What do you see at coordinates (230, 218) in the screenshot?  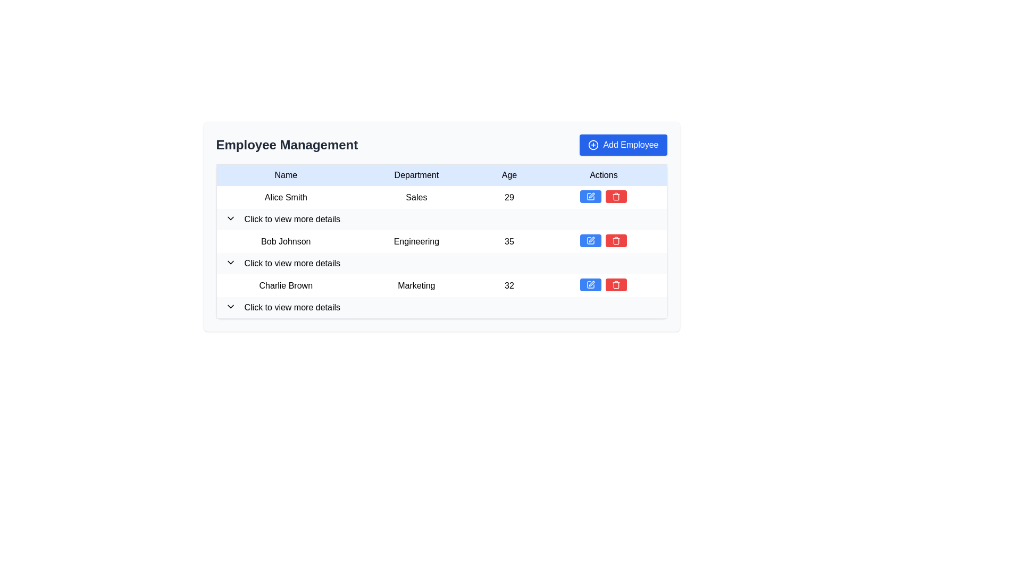 I see `the button located in the first row of the table` at bounding box center [230, 218].